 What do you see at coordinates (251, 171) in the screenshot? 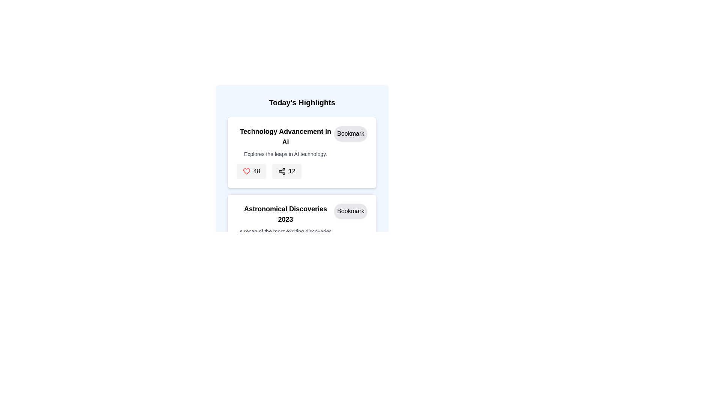
I see `the interactive like or favorite button located directly under the title 'Technology Advancement in AI' to increase or decrease the count` at bounding box center [251, 171].